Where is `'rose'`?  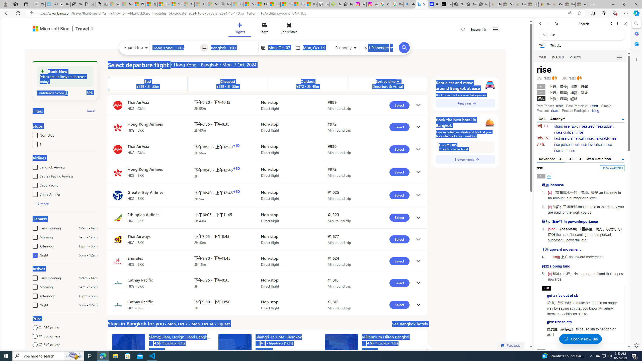 'rose' is located at coordinates (559, 106).